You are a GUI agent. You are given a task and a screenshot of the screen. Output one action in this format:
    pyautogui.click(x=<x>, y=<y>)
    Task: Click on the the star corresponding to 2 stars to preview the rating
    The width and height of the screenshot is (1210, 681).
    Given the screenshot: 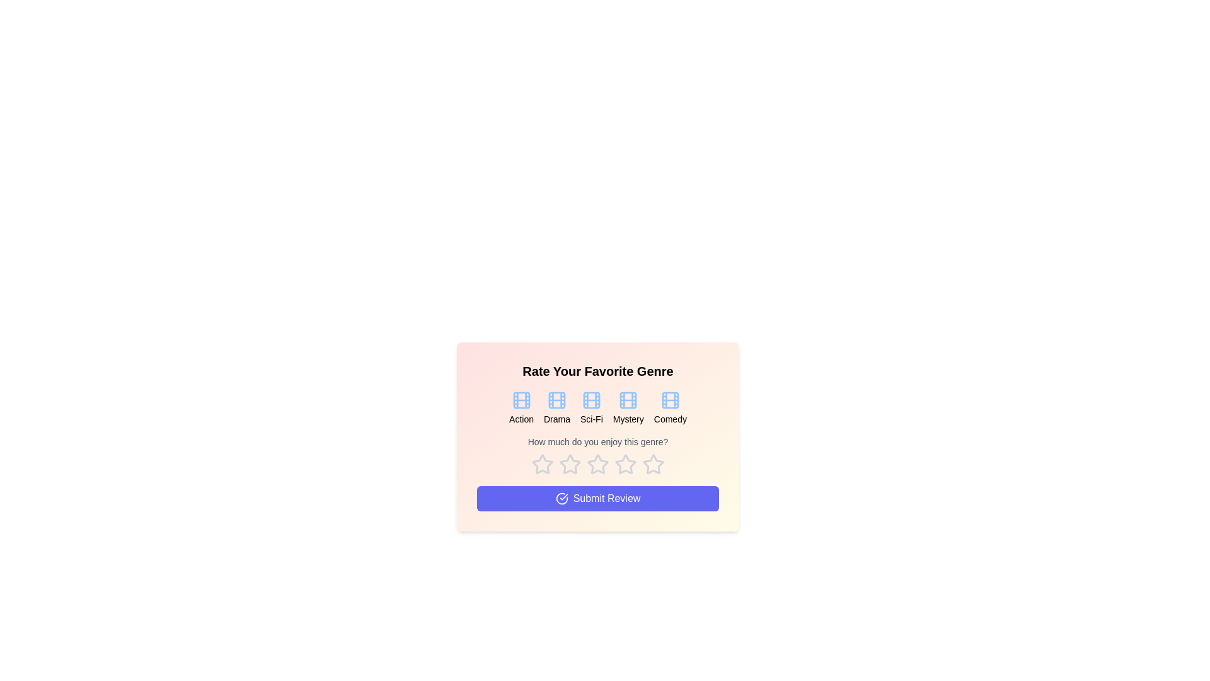 What is the action you would take?
    pyautogui.click(x=570, y=464)
    